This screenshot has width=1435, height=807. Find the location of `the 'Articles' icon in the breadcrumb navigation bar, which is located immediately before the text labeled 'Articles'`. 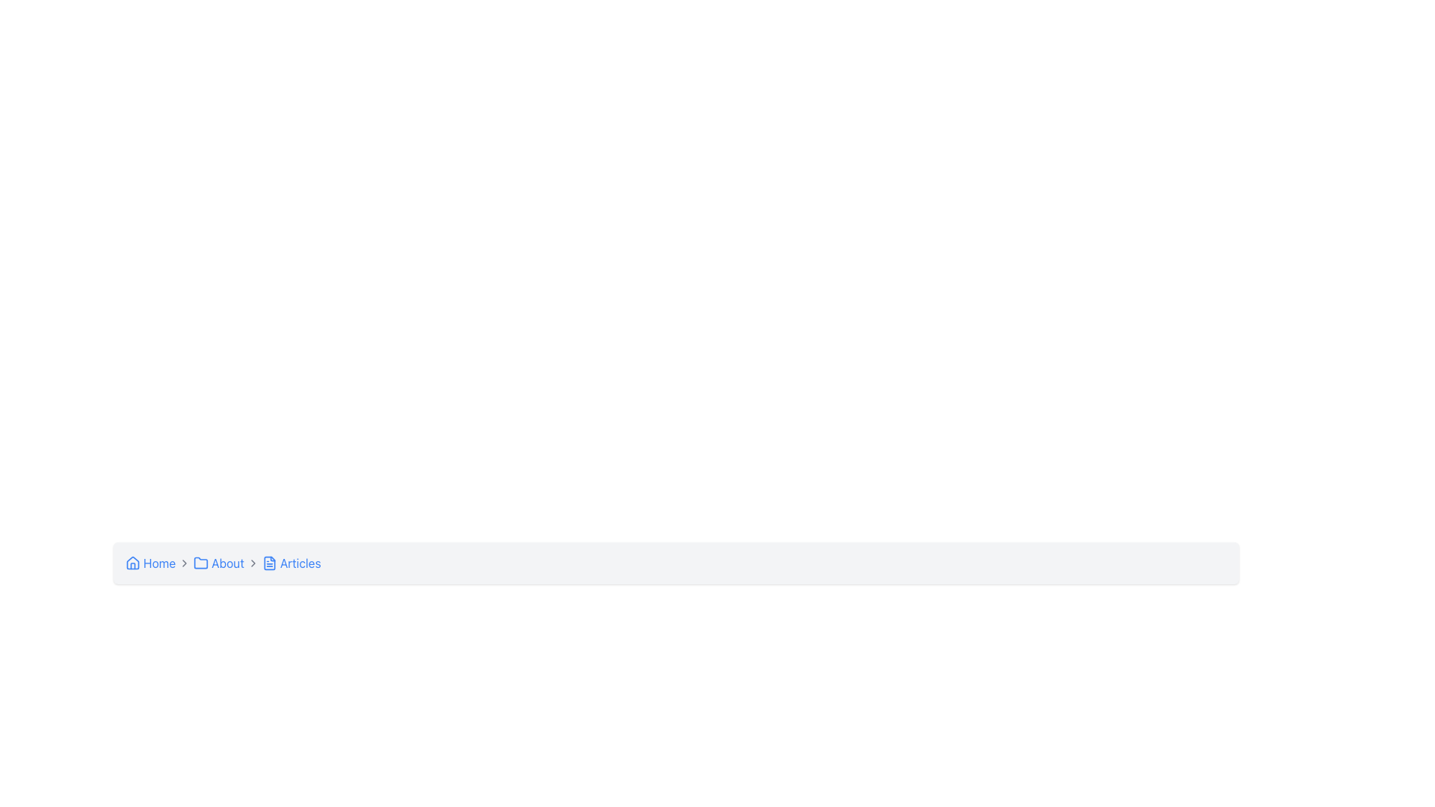

the 'Articles' icon in the breadcrumb navigation bar, which is located immediately before the text labeled 'Articles' is located at coordinates (269, 563).